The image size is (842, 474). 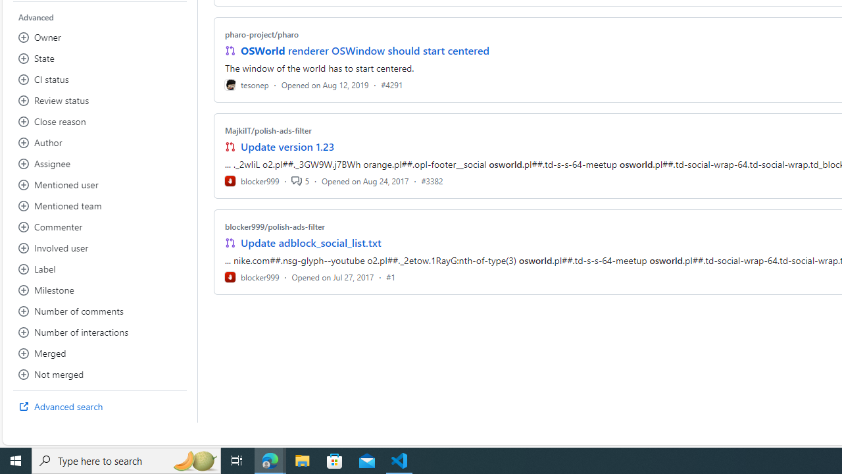 I want to click on '#1', so click(x=390, y=276).